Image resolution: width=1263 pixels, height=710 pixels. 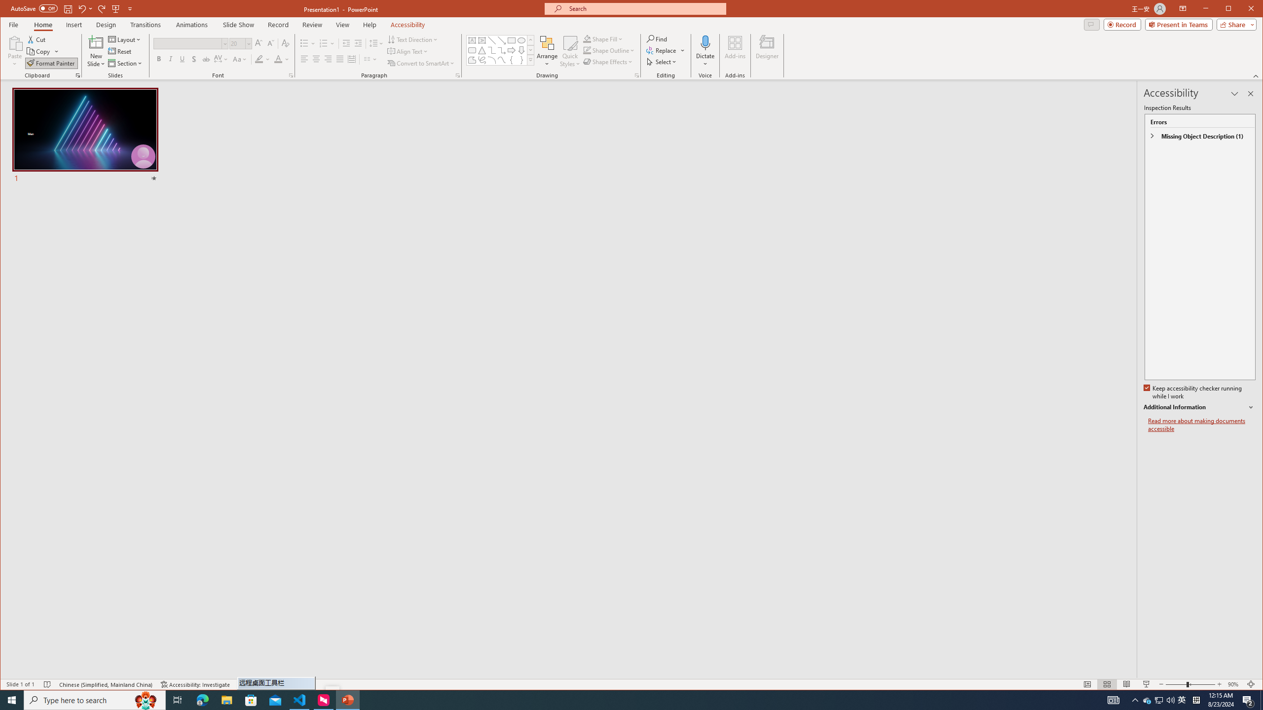 What do you see at coordinates (587, 50) in the screenshot?
I see `'Shape Outline Blue, Accent 1'` at bounding box center [587, 50].